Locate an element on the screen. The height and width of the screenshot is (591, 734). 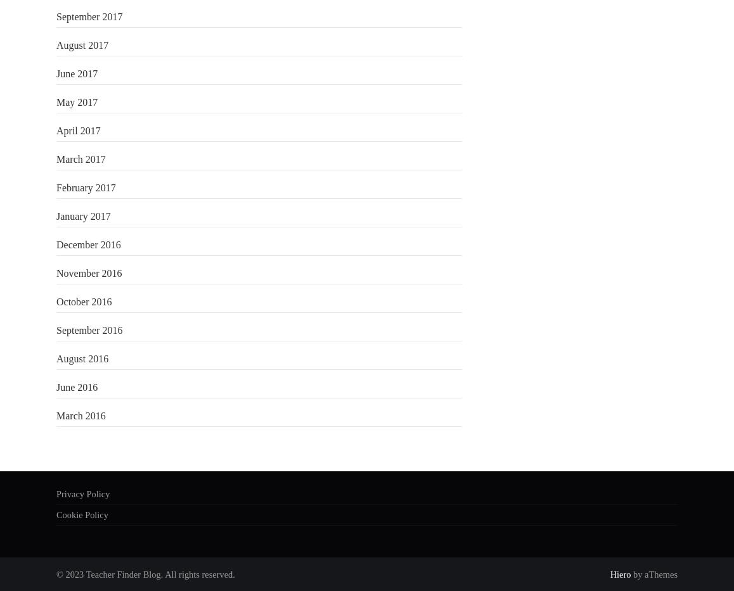
'April 2017' is located at coordinates (56, 130).